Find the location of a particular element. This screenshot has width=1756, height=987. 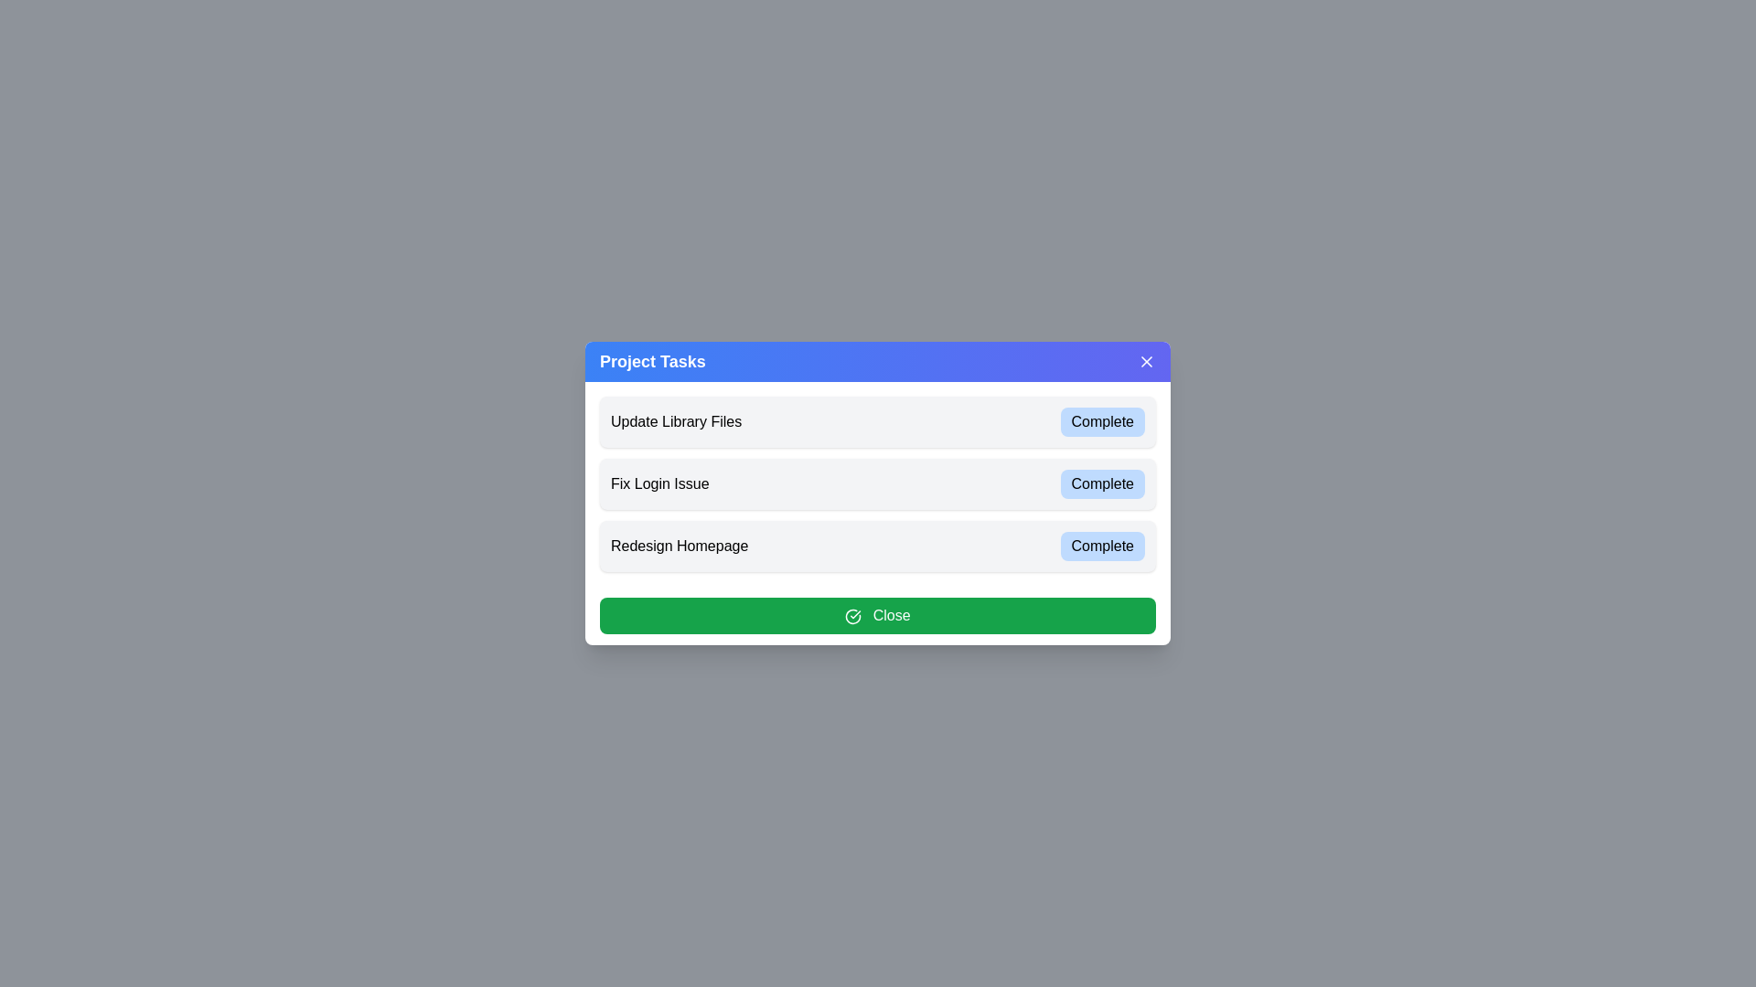

the text label displaying 'Update Library Files' located in the upper section of the 'Project Tasks' modal window is located at coordinates (675, 422).